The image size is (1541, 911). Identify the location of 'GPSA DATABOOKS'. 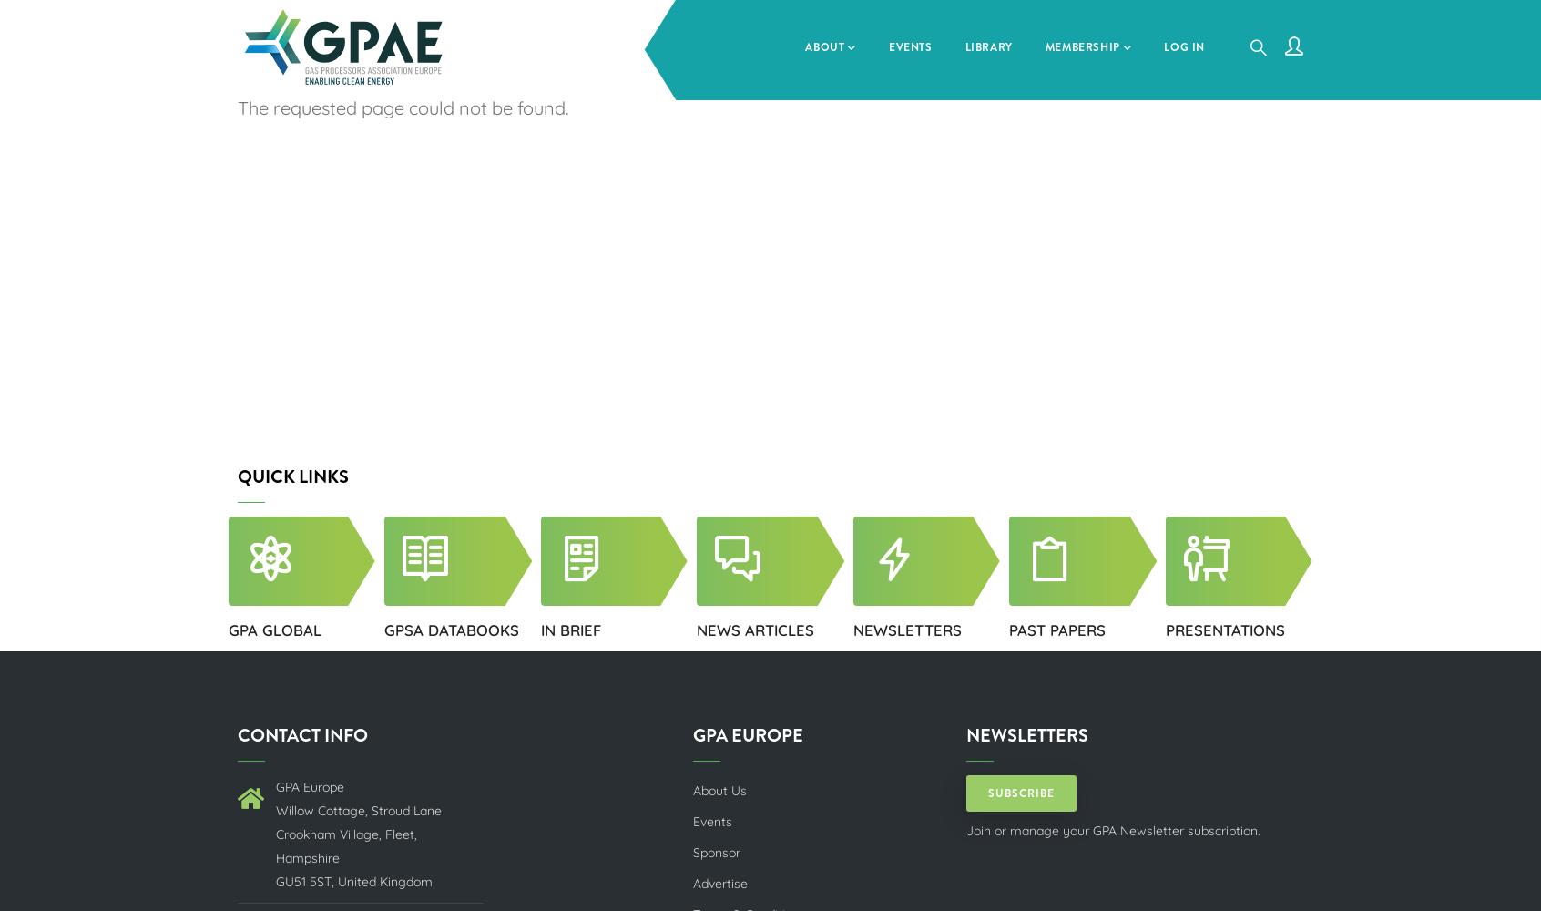
(451, 629).